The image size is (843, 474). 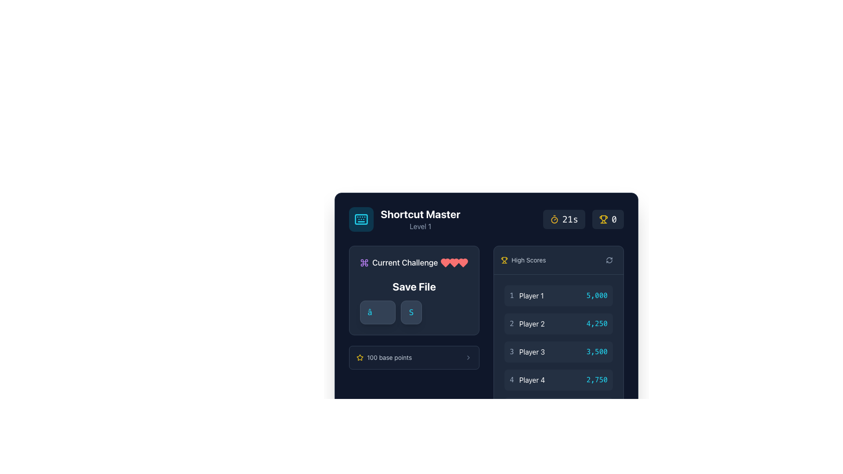 What do you see at coordinates (609, 260) in the screenshot?
I see `the refresh button located in the top right corner of the 'High Scores' section` at bounding box center [609, 260].